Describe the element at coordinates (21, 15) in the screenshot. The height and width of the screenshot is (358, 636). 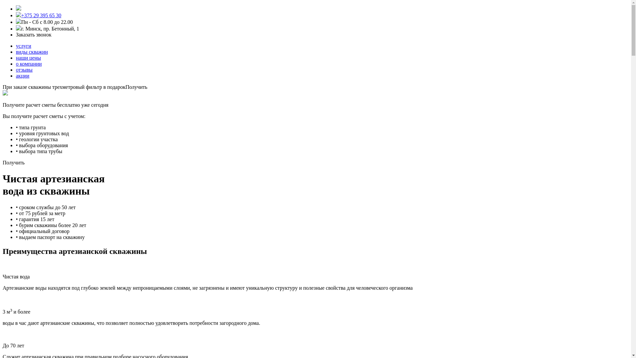
I see `'+375 29 395 65 30'` at that location.